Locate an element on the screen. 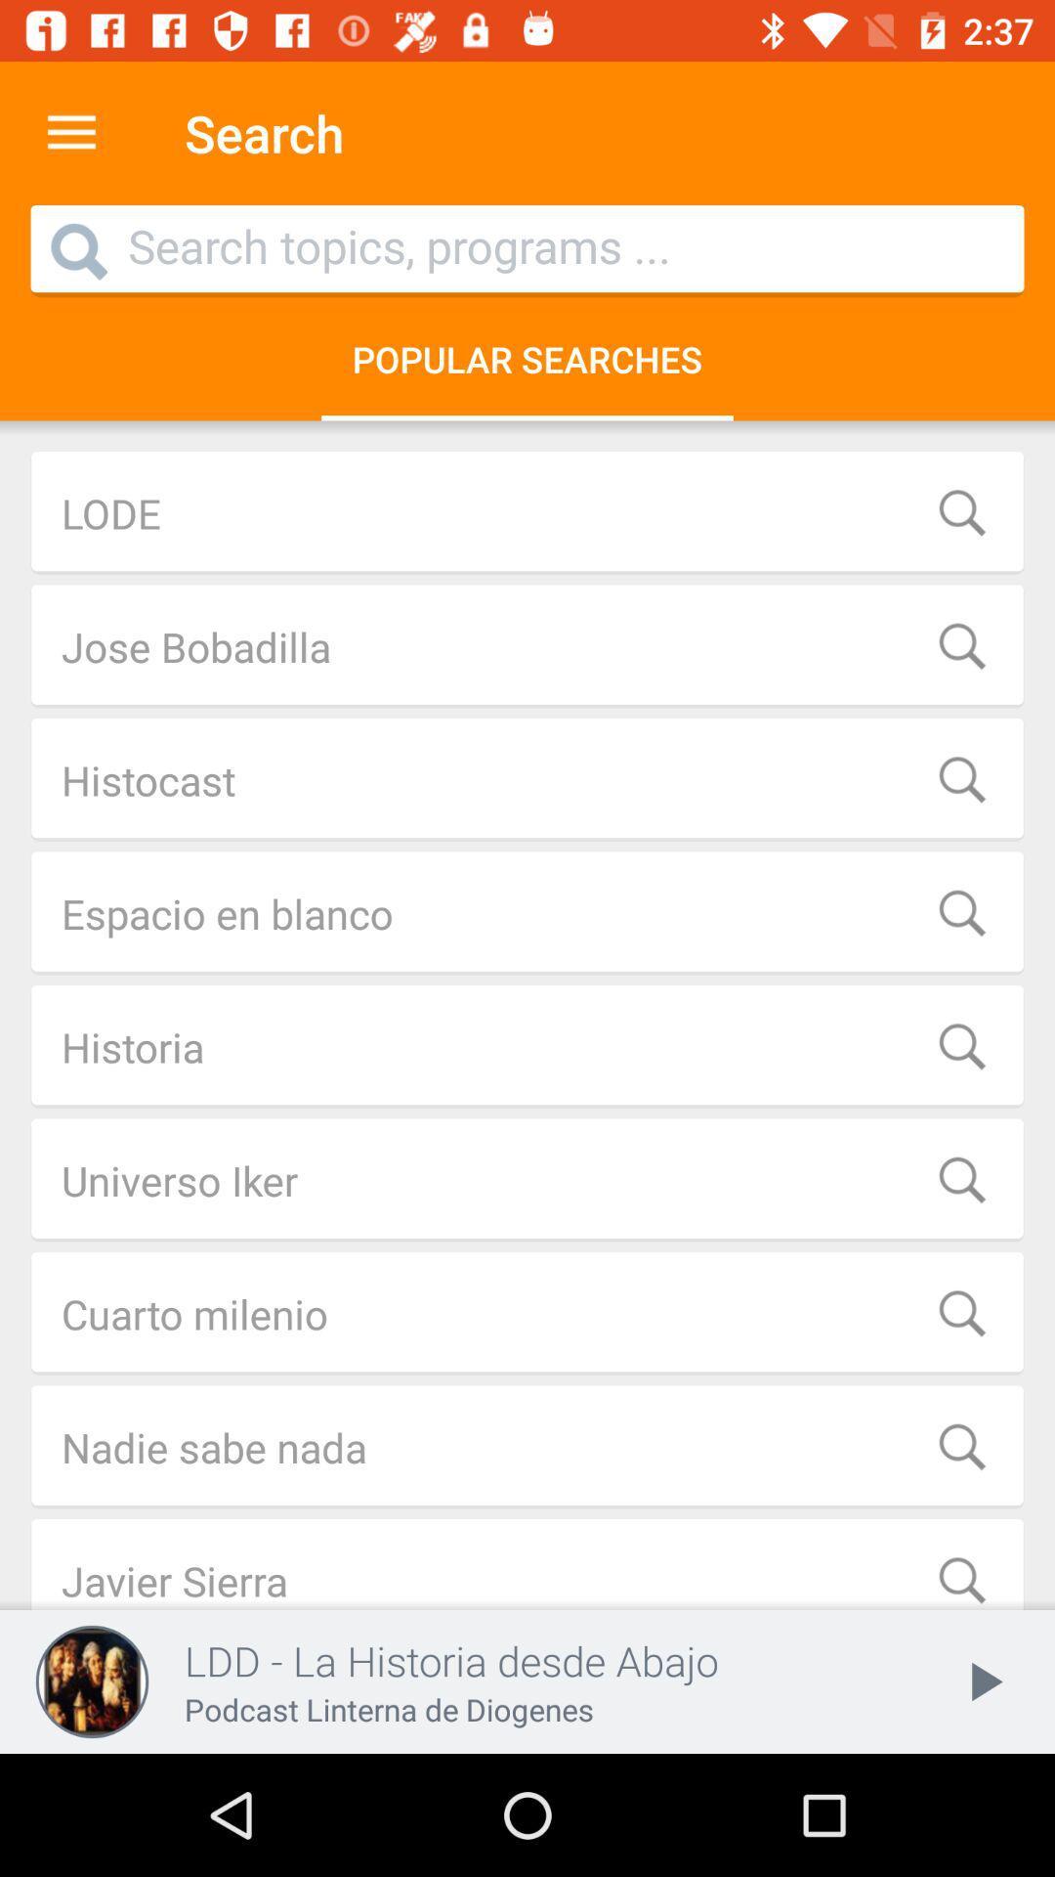 The image size is (1055, 1877). the icon above the cuarto milenio item is located at coordinates (527, 1179).